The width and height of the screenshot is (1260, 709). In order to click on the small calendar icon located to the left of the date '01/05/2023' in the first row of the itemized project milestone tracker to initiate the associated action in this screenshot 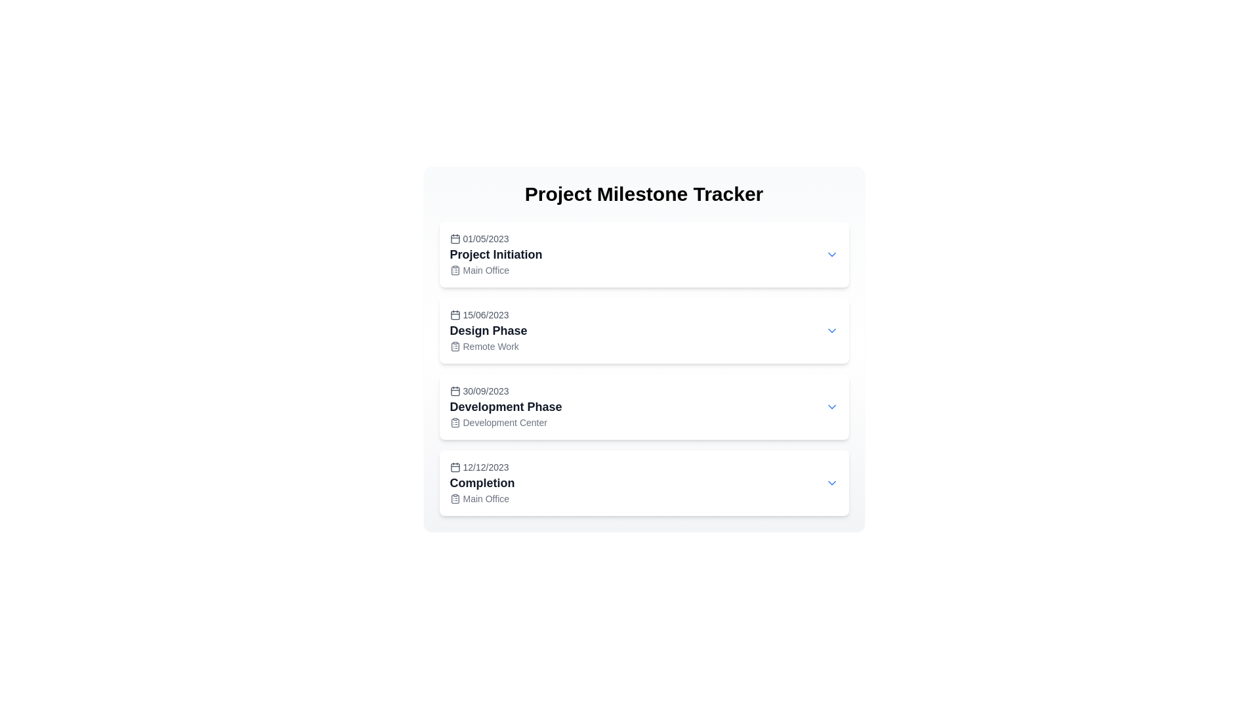, I will do `click(455, 238)`.